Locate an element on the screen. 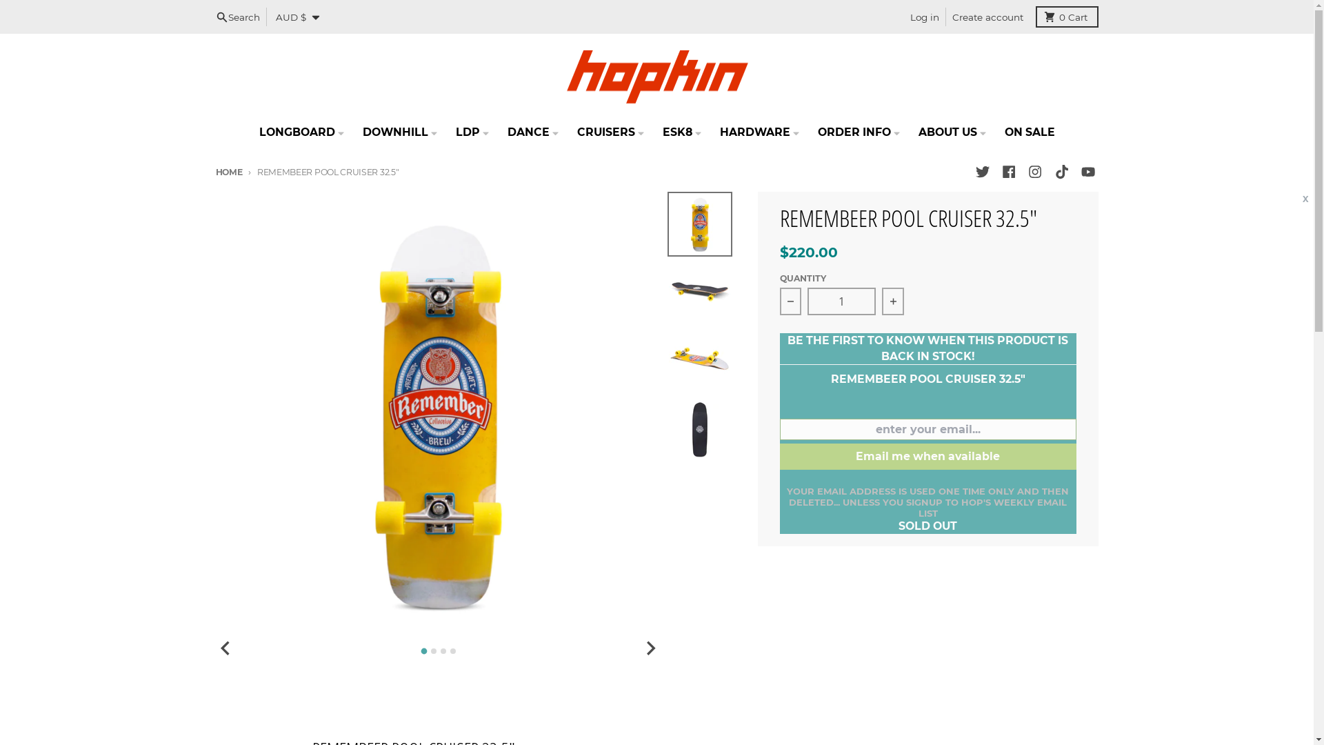 The width and height of the screenshot is (1324, 745). 'Create account' is located at coordinates (945, 17).